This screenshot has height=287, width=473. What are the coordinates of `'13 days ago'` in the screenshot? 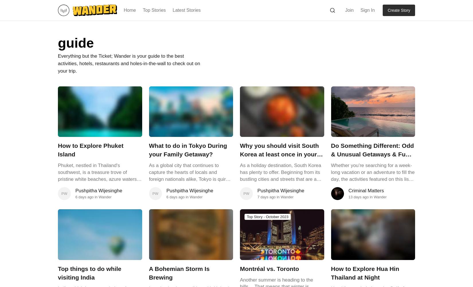 It's located at (358, 197).